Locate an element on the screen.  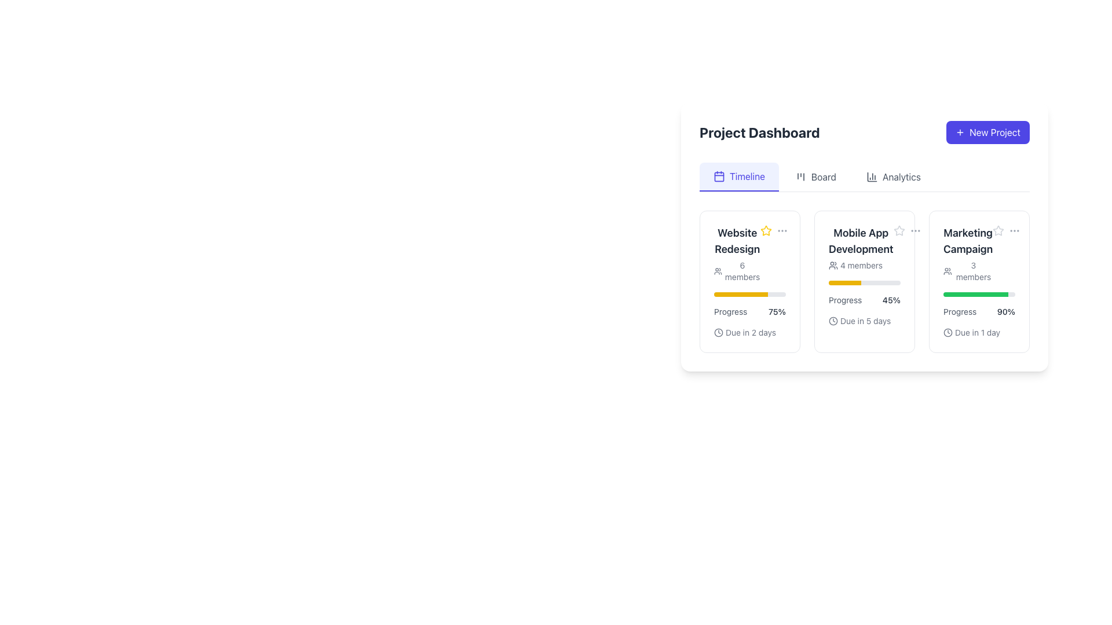
the 'Analytics' navigation tab, which is the third tab in a row and features a small chart icon is located at coordinates (892, 177).